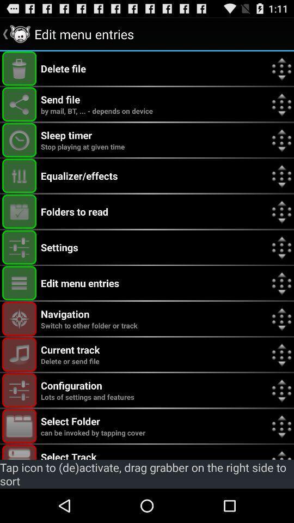 The width and height of the screenshot is (294, 523). I want to click on change menu settings, so click(19, 247).